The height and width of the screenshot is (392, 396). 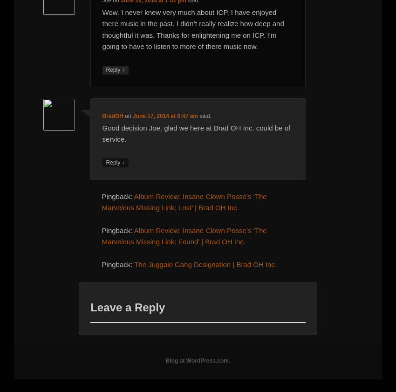 I want to click on 'Blog at WordPress.com.', so click(x=198, y=360).